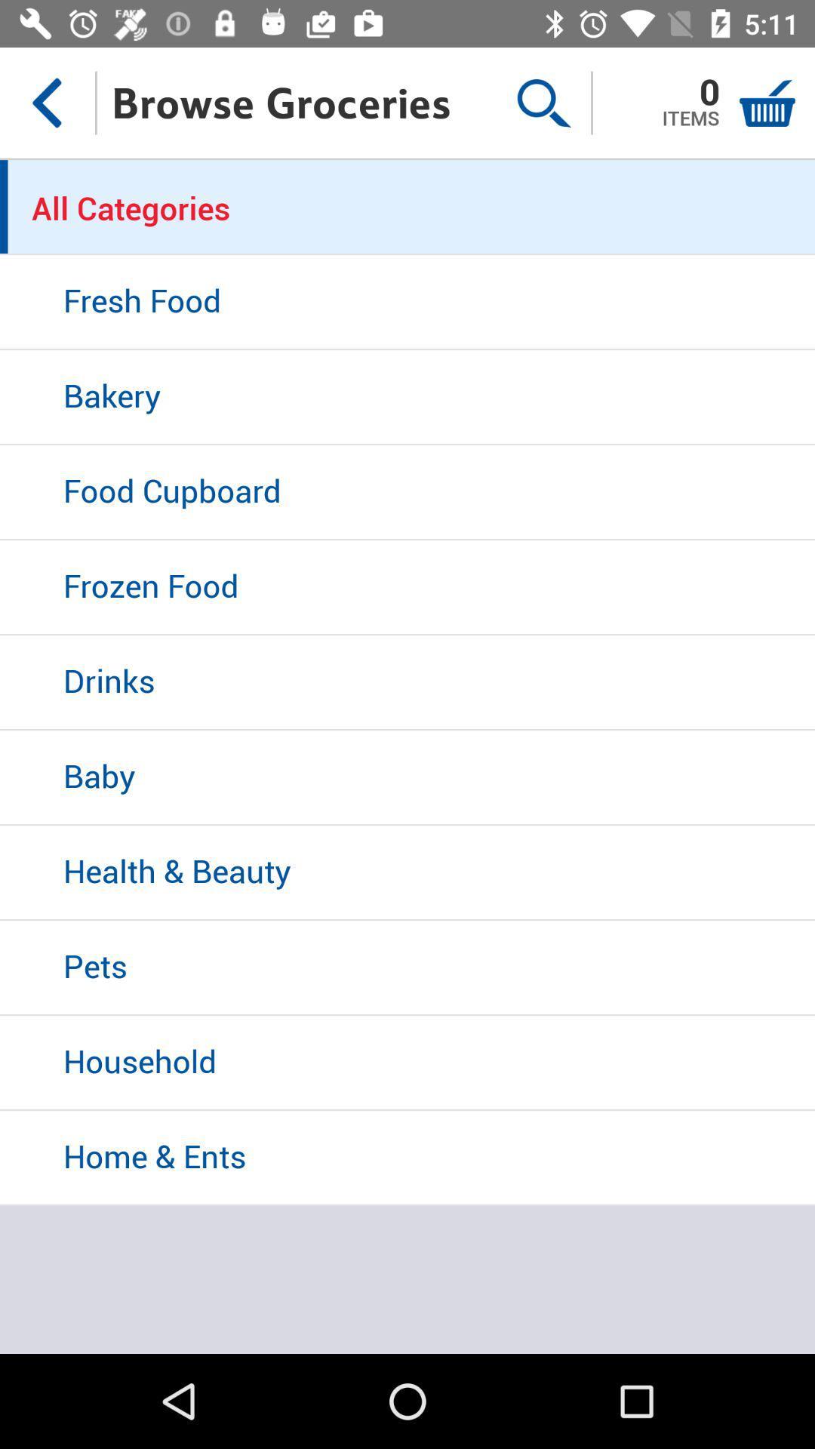 The height and width of the screenshot is (1449, 815). Describe the element at coordinates (407, 587) in the screenshot. I see `frozen food icon` at that location.